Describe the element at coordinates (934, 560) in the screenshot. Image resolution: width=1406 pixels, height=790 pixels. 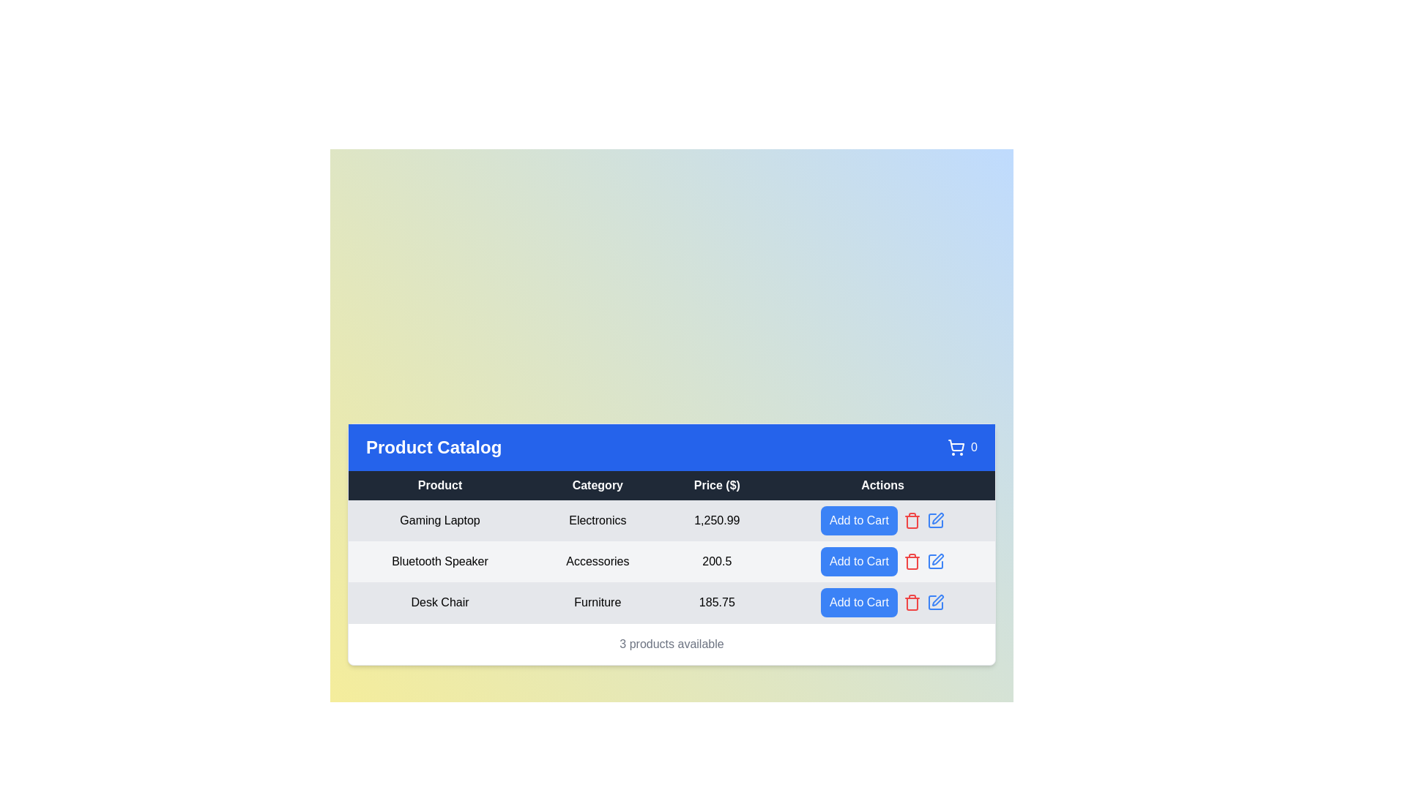
I see `the editing icon in the 'Actions' column of the data table for the product 'Bluetooth Speaker'` at that location.